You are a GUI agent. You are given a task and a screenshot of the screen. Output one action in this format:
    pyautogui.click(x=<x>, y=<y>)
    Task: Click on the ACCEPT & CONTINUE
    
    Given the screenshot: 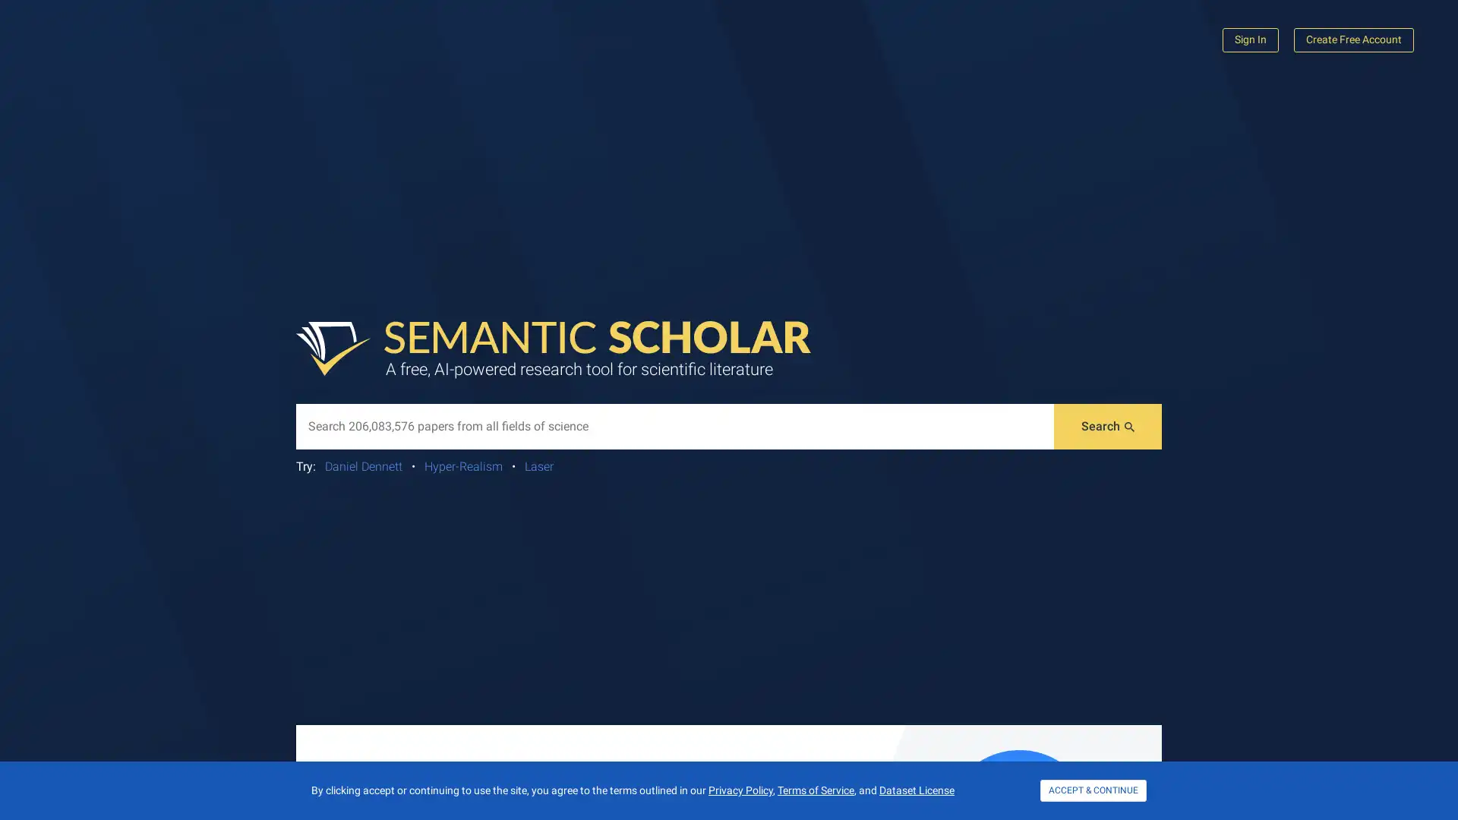 What is the action you would take?
    pyautogui.click(x=1093, y=790)
    